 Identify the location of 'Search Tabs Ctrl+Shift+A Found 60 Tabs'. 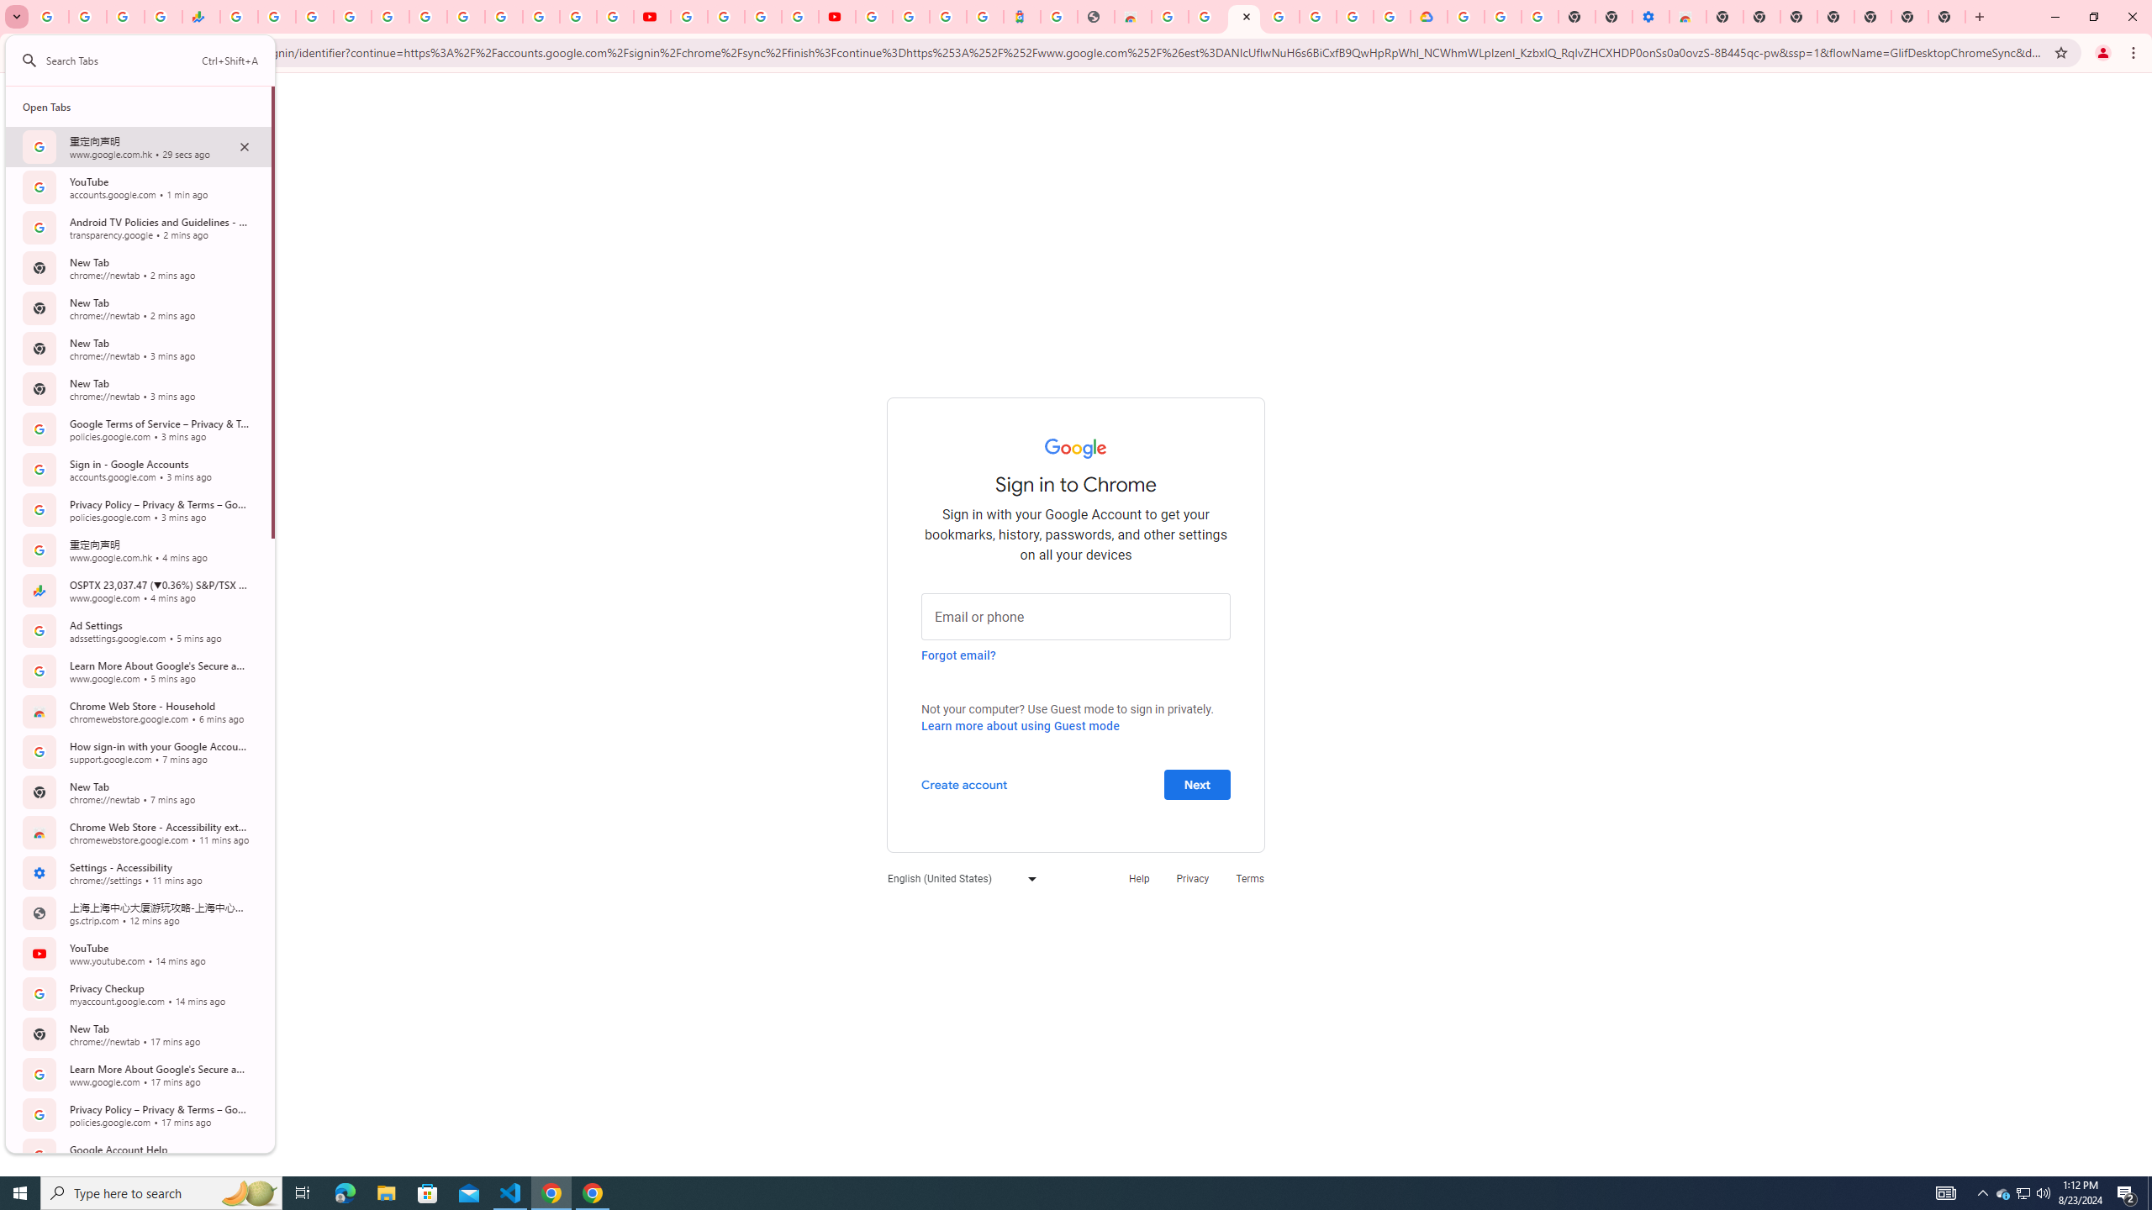
(150, 60).